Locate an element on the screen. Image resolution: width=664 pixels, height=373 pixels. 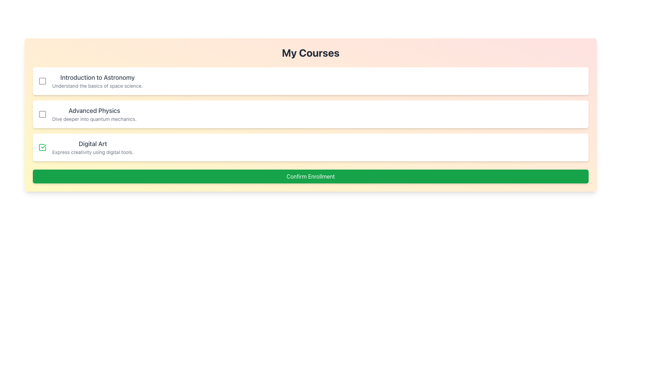
the selectable list item for the 'Advanced Physics' course, which is the second item in the list is located at coordinates (310, 114).